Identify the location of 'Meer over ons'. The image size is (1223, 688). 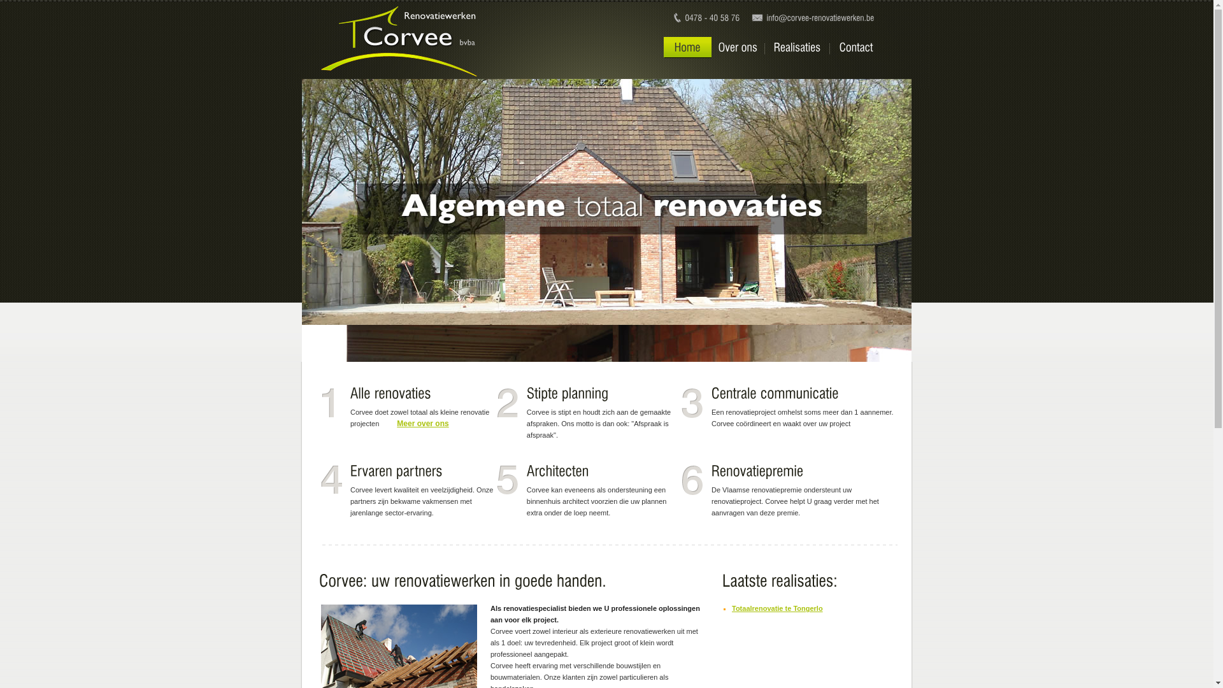
(416, 423).